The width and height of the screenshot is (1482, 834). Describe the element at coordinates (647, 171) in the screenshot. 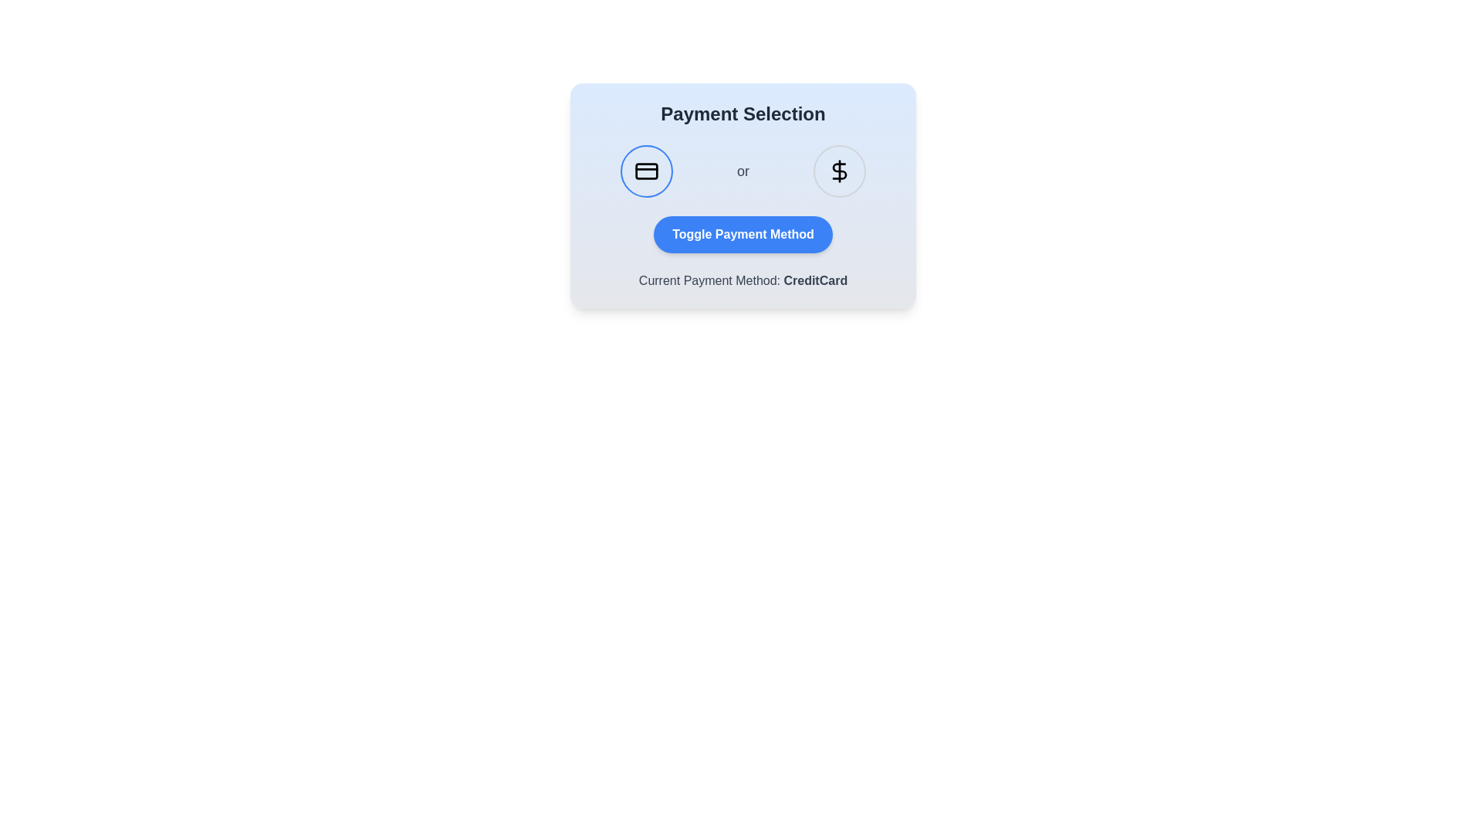

I see `the credit card icon located inside a blue-bordered circle` at that location.